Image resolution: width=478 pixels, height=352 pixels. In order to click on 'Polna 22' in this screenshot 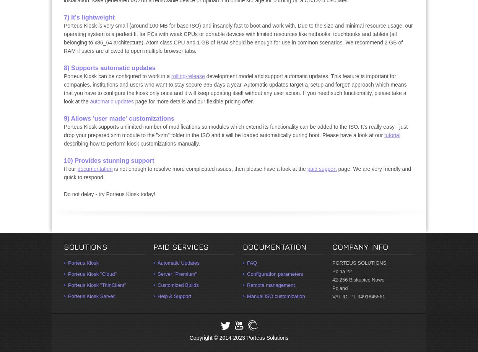, I will do `click(342, 271)`.